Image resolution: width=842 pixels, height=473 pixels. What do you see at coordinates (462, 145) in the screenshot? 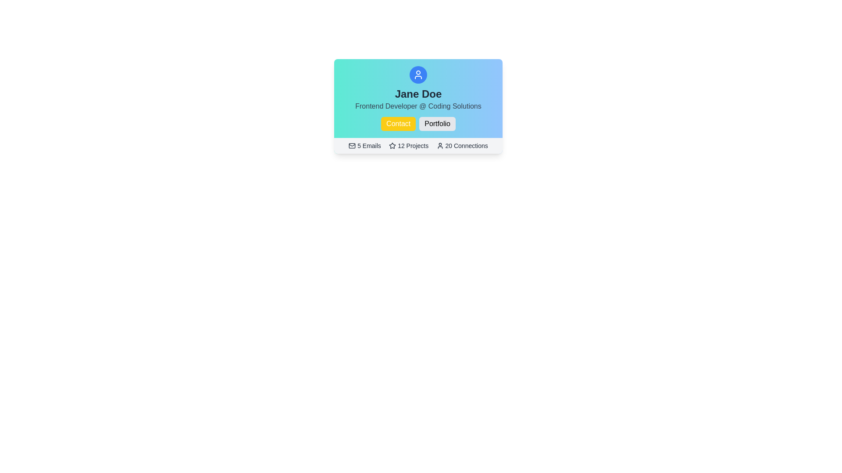
I see `the label displaying '20 Connections' with a user icon, which is the third element in a horizontally aligned row of three, located on the far right of the card` at bounding box center [462, 145].